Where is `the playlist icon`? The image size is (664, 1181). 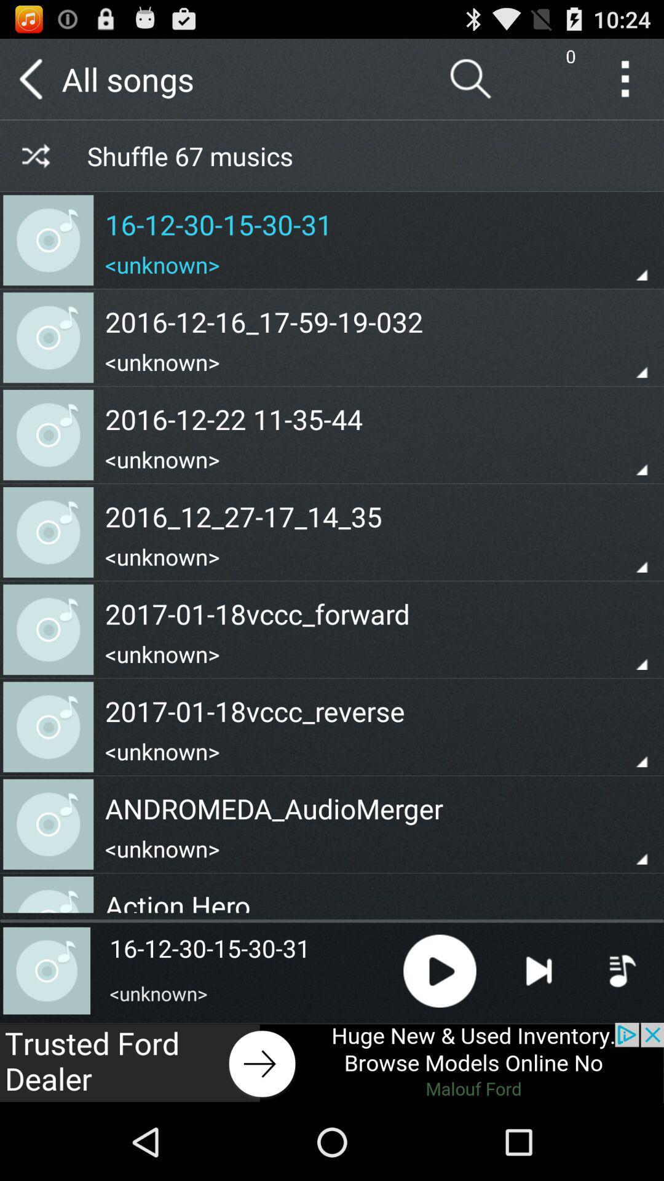
the playlist icon is located at coordinates (622, 1038).